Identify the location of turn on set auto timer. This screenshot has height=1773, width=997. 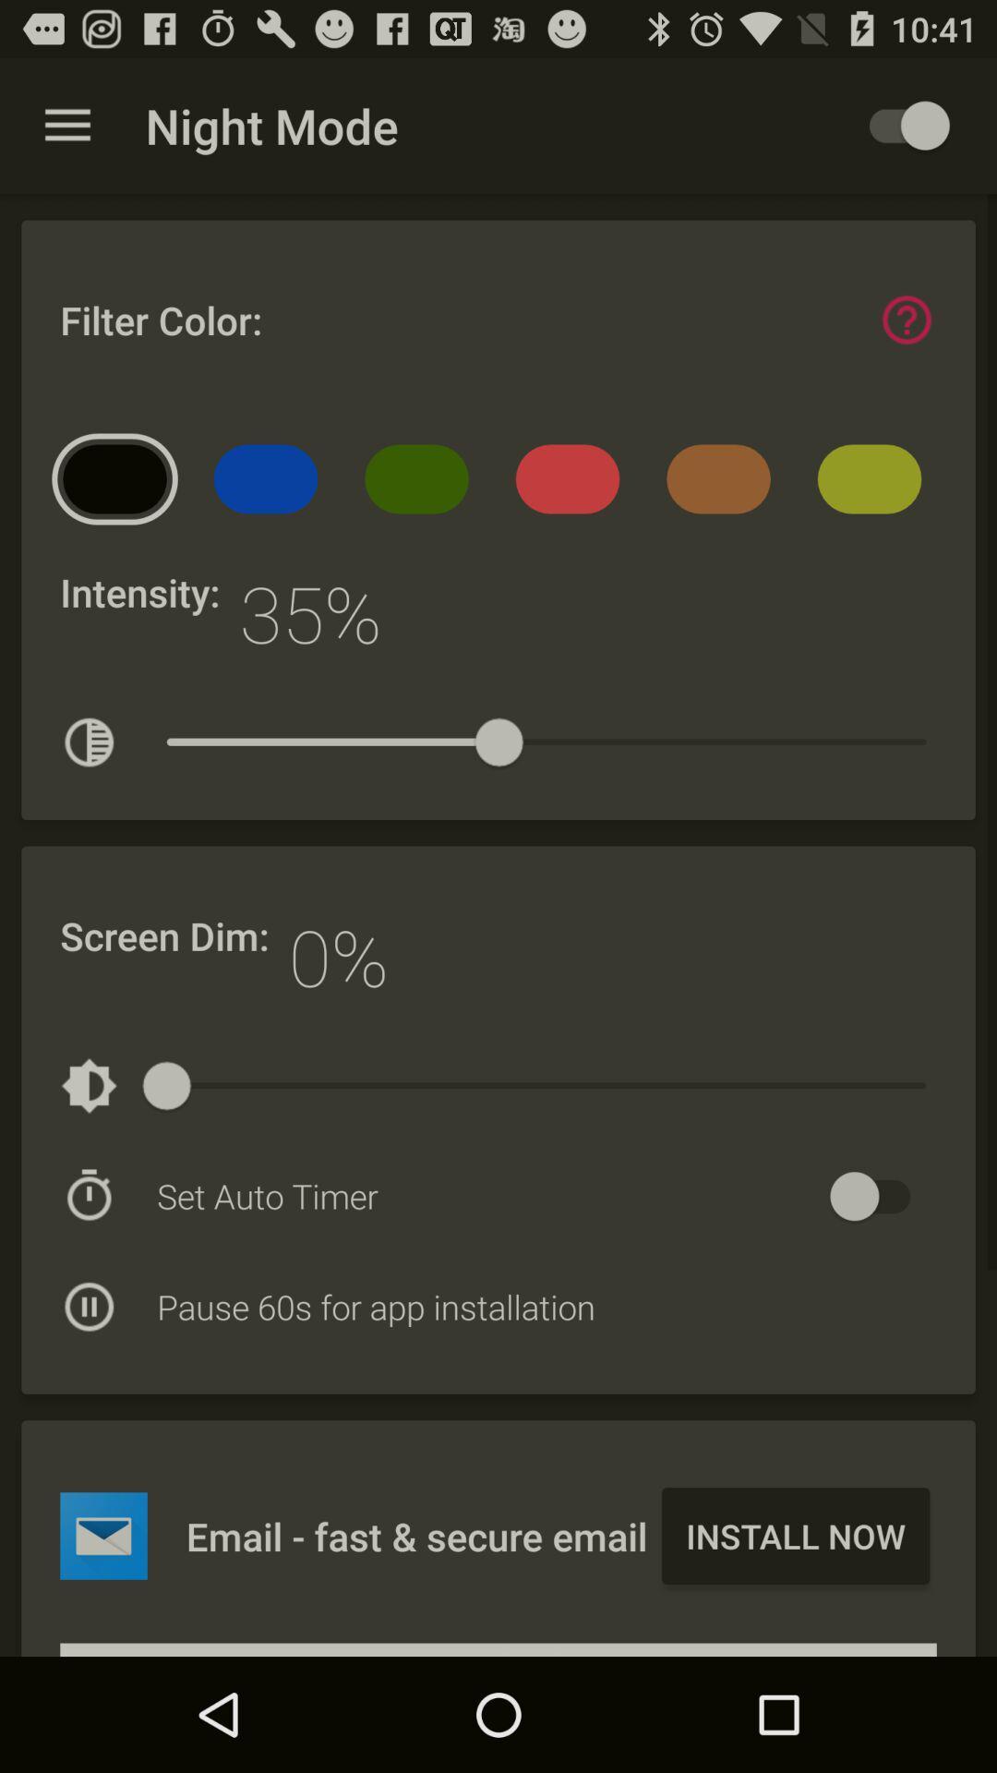
(878, 1196).